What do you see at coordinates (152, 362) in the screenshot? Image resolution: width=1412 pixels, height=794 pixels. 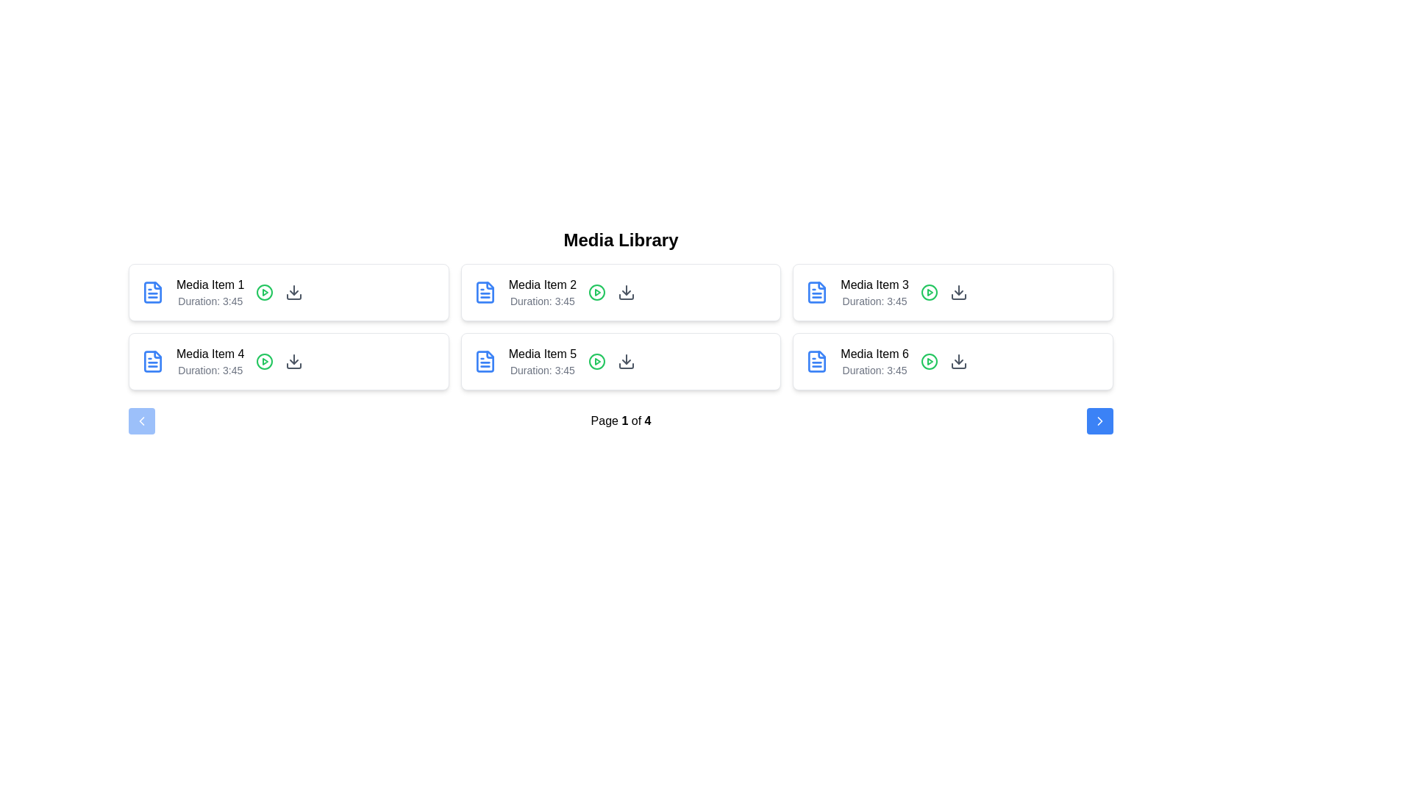 I see `the blue file icon representing 'Media Item 1'` at bounding box center [152, 362].